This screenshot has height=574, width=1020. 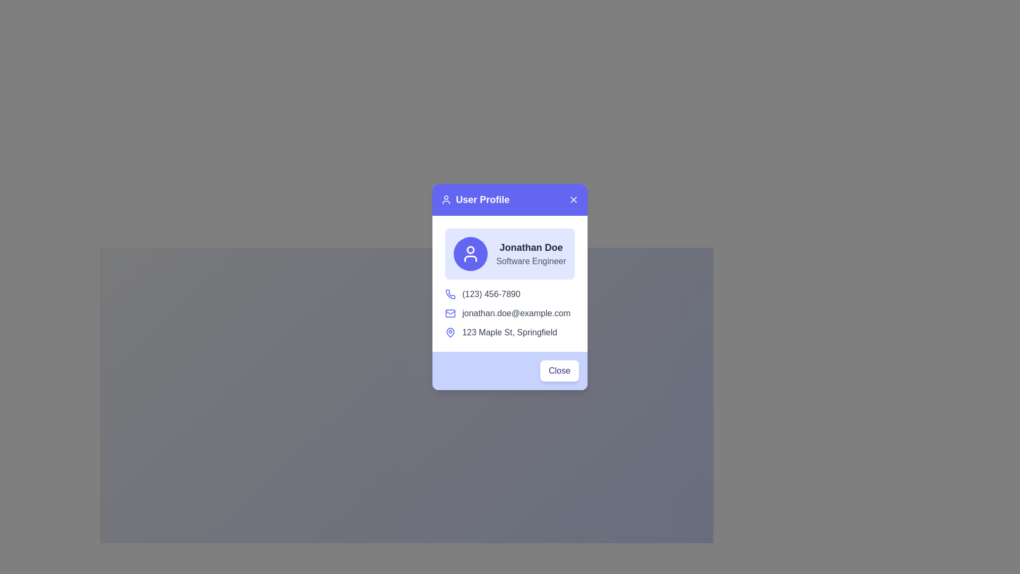 I want to click on the text block displaying the user's full name and professional designation, which is located within the user profile card beneath the circular user icon, so click(x=531, y=254).